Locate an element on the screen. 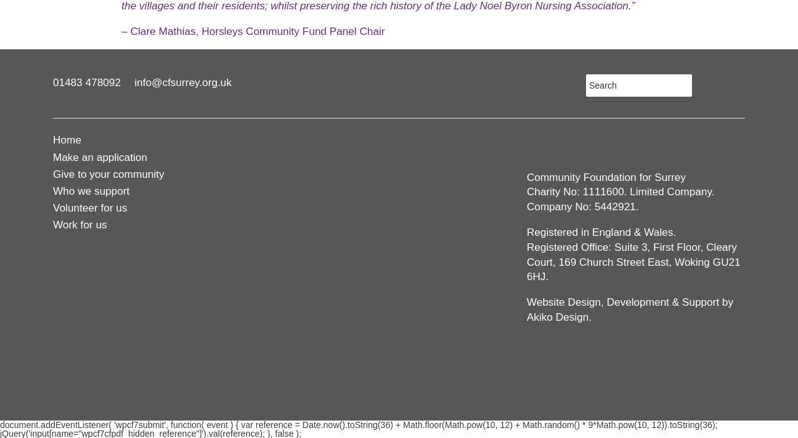 The height and width of the screenshot is (438, 798). 'Who we support' is located at coordinates (90, 190).